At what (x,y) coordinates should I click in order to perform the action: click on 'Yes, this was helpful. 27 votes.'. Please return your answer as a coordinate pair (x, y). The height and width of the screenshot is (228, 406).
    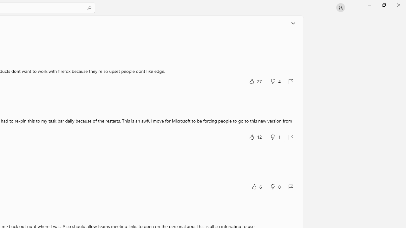
    Looking at the image, I should click on (255, 81).